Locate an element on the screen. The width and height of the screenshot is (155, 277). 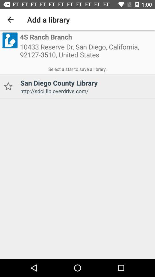
item next to 4s ranch branch icon is located at coordinates (9, 40).